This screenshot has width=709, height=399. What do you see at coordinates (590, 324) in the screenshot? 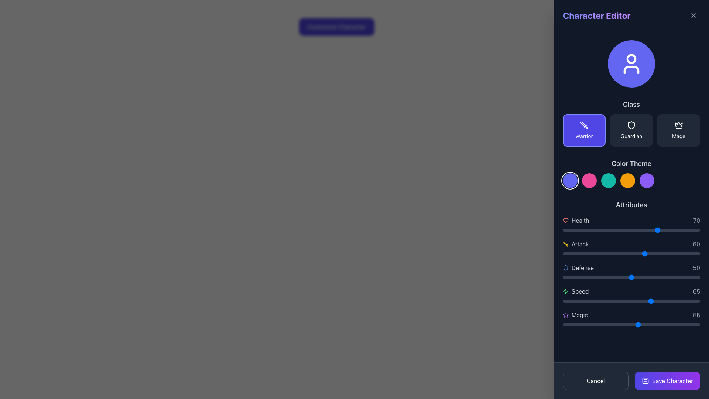
I see `the magic attribute` at bounding box center [590, 324].